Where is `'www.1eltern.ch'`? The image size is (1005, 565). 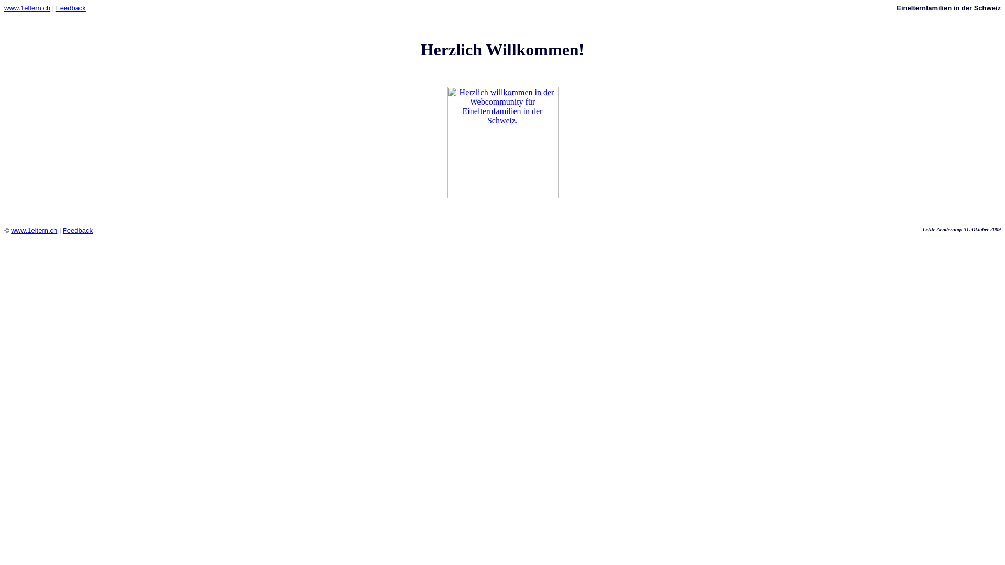 'www.1eltern.ch' is located at coordinates (4, 8).